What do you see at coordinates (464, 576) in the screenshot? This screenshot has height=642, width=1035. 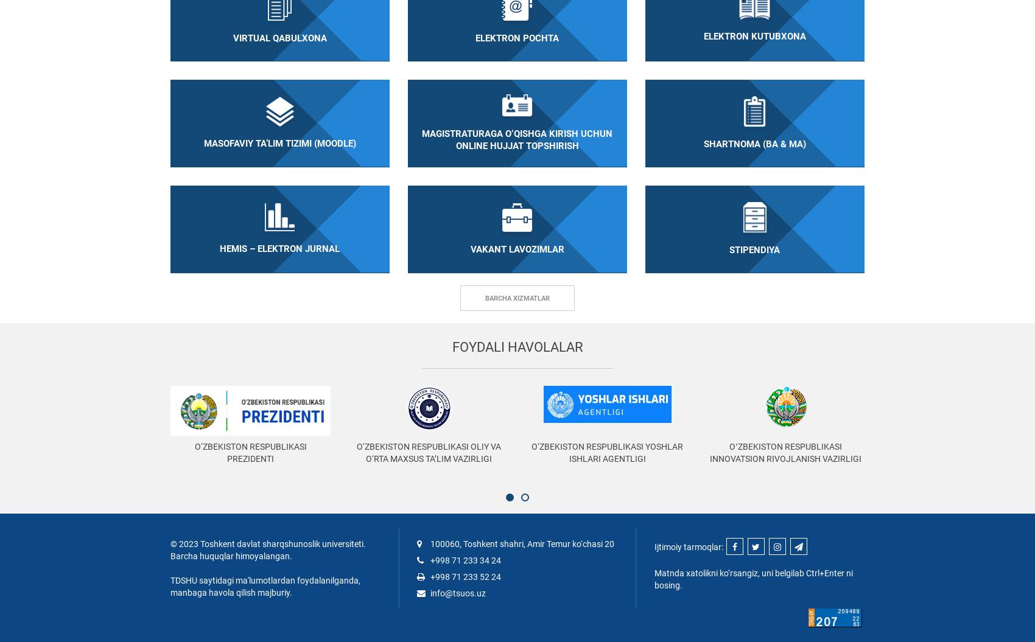 I see `'+998 71 233 52 24'` at bounding box center [464, 576].